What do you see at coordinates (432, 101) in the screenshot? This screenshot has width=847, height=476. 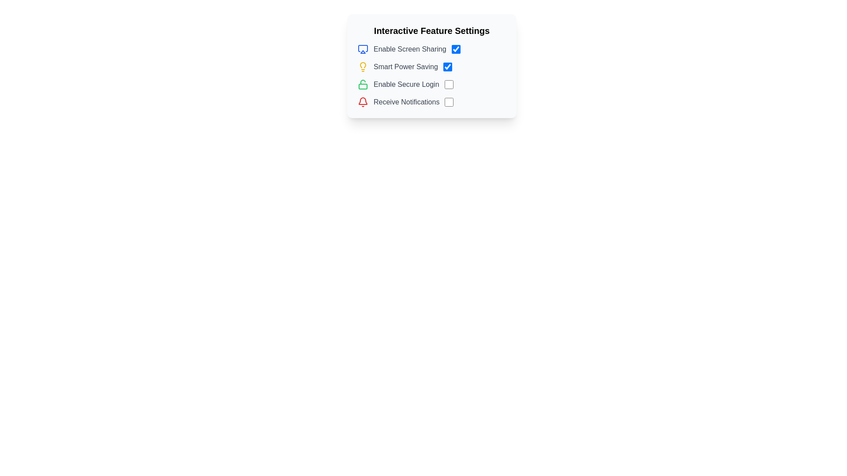 I see `the checkbox` at bounding box center [432, 101].